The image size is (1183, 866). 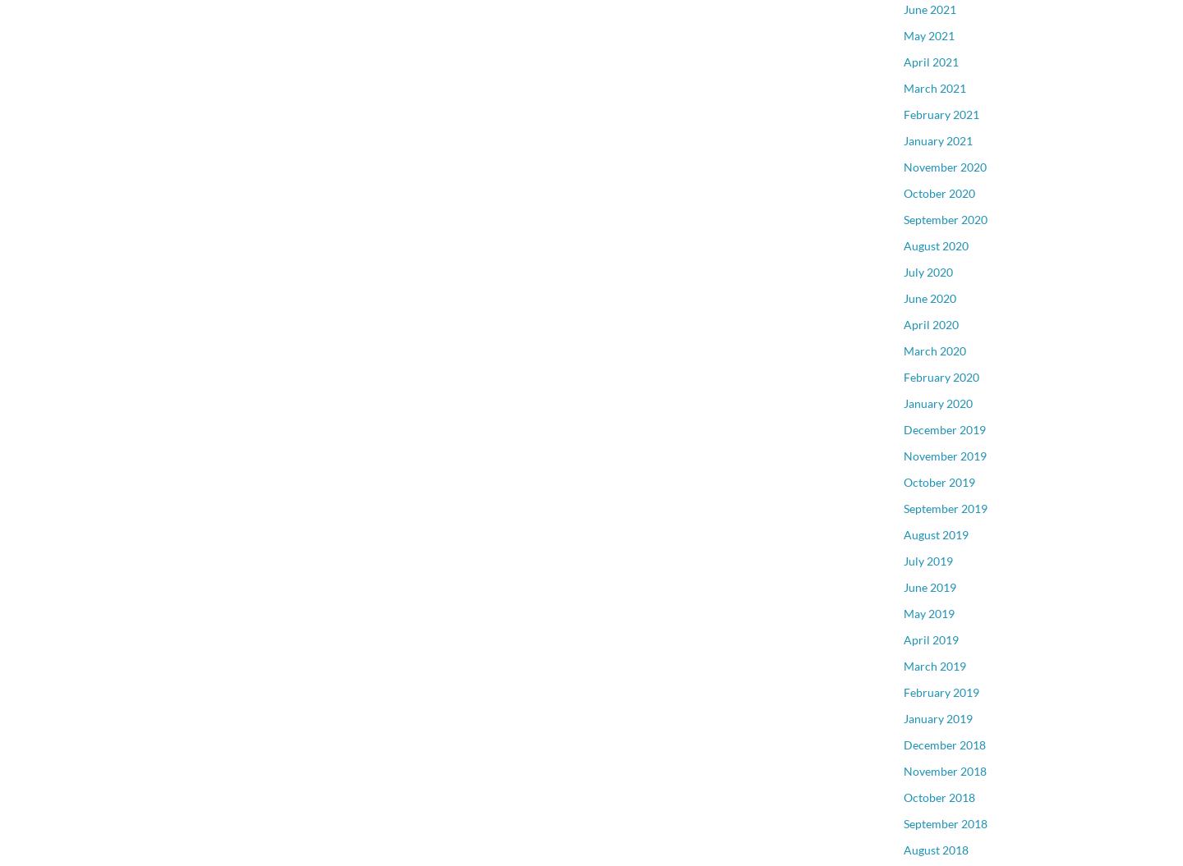 I want to click on 'Pacific Douglas, South Surrey White Rock Real Estate', so click(x=994, y=86).